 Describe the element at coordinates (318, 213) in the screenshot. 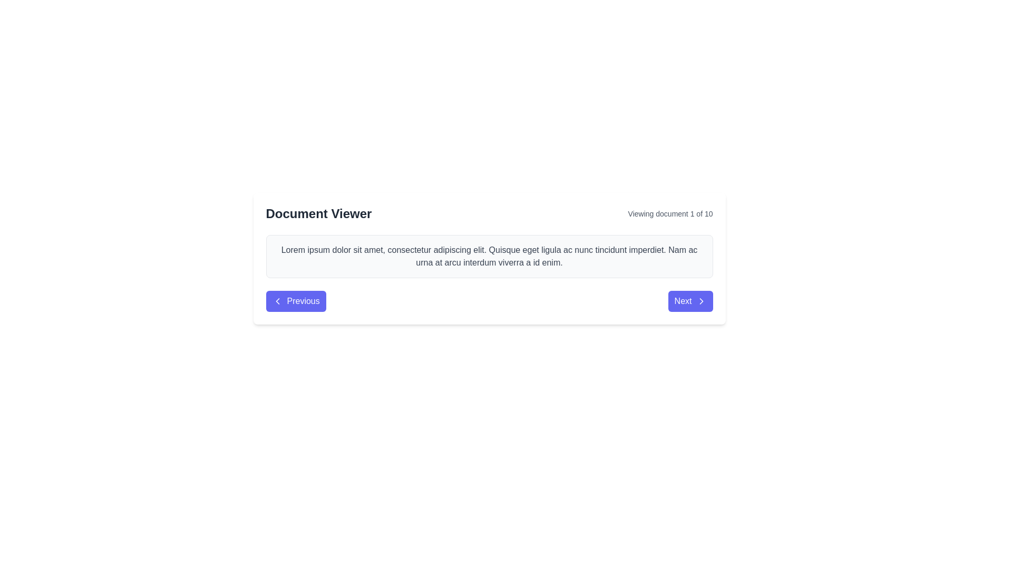

I see `the text heading that serves as the title of the current section or page in the document viewer interface` at that location.